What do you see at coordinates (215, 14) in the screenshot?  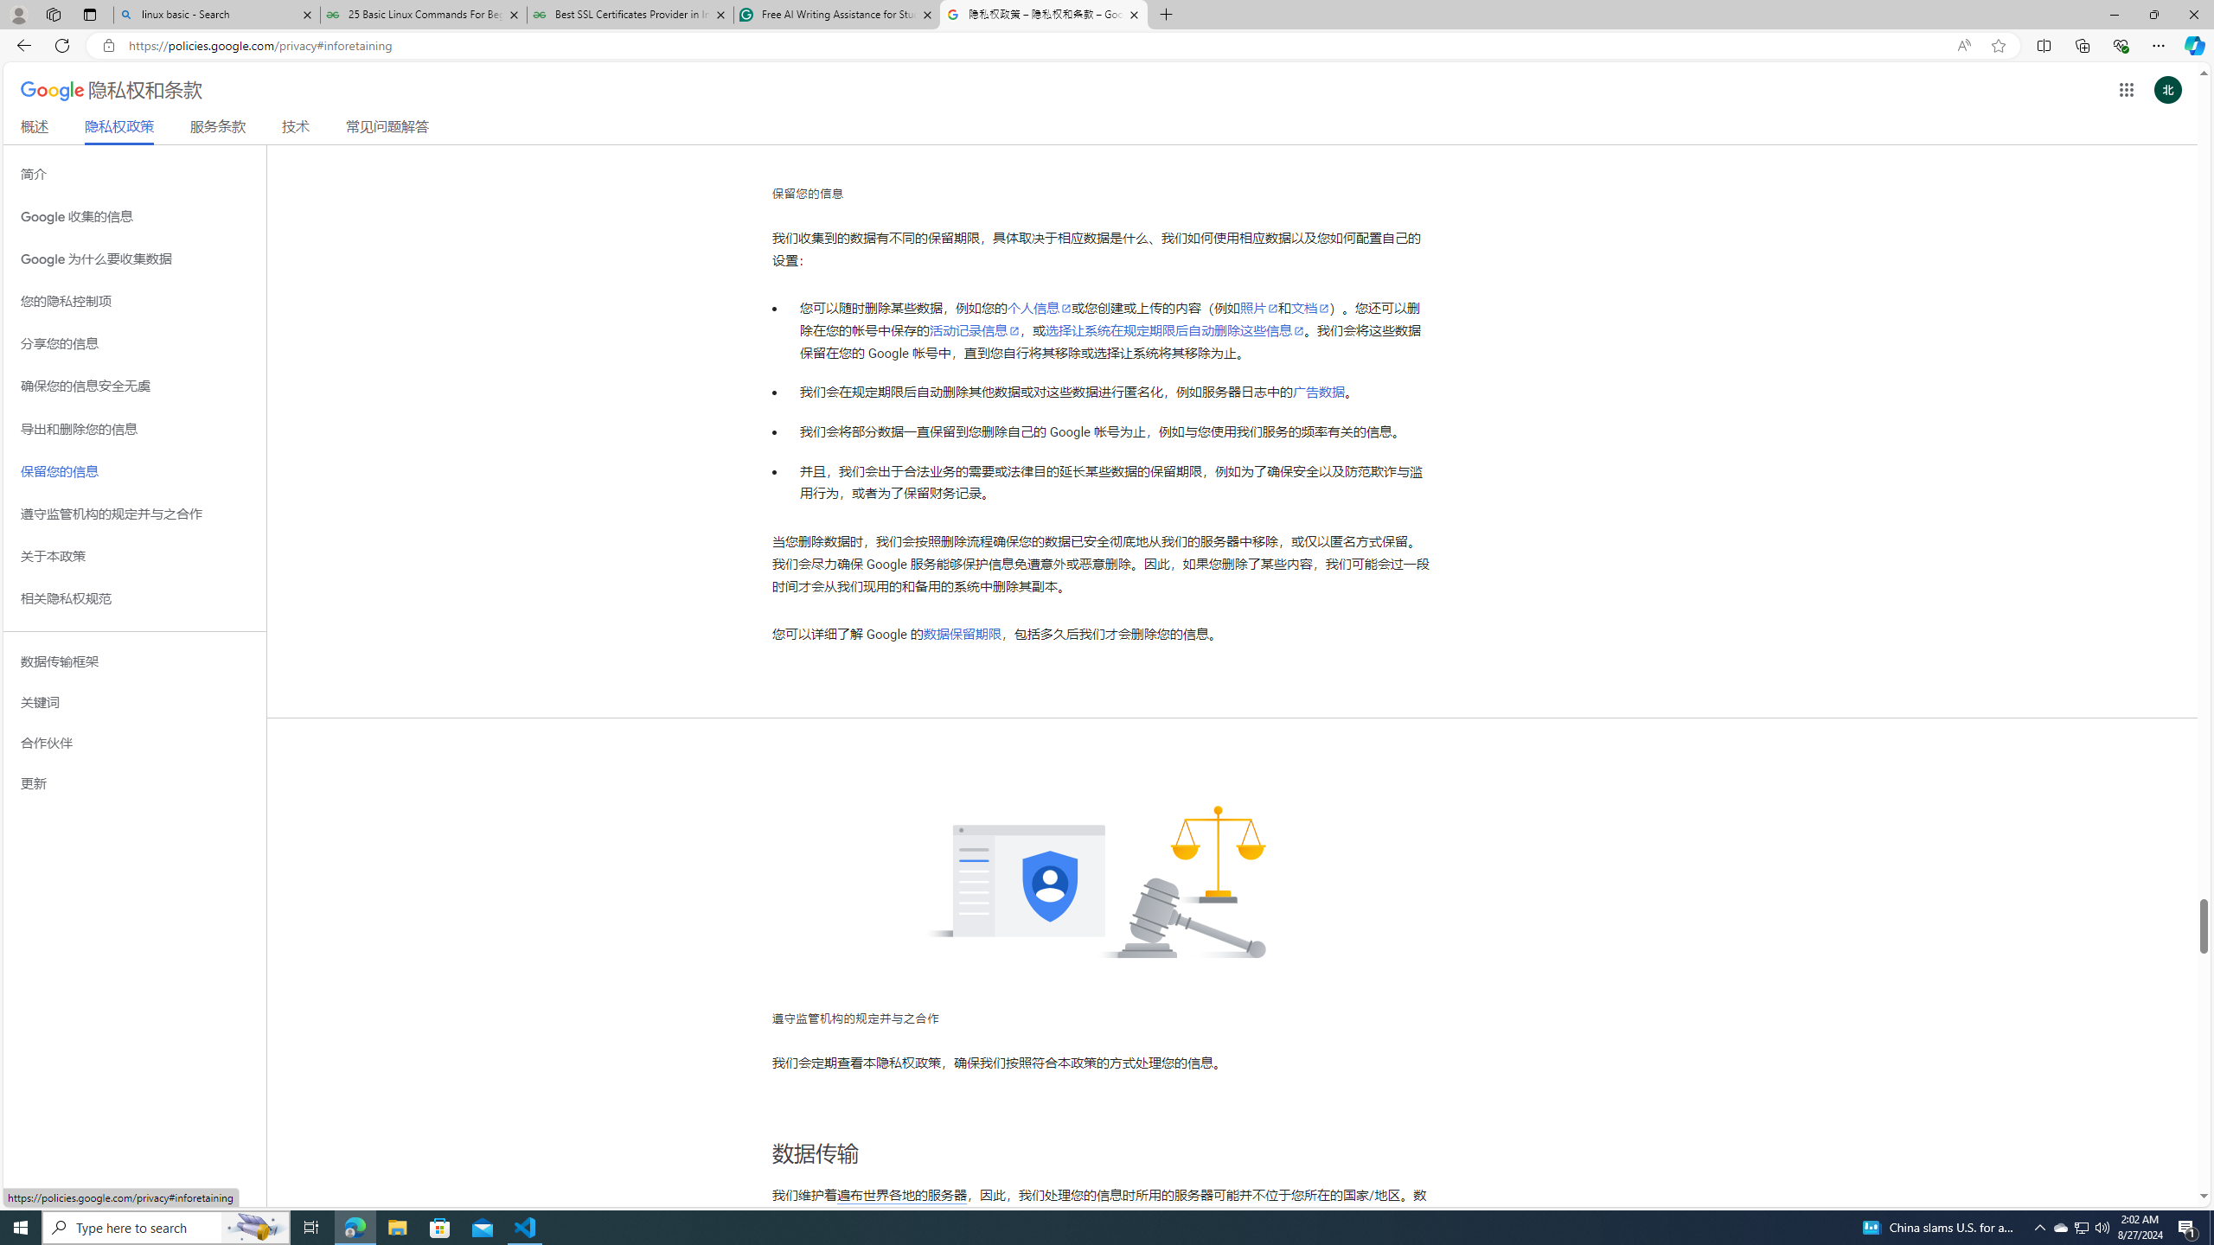 I see `'linux basic - Search'` at bounding box center [215, 14].